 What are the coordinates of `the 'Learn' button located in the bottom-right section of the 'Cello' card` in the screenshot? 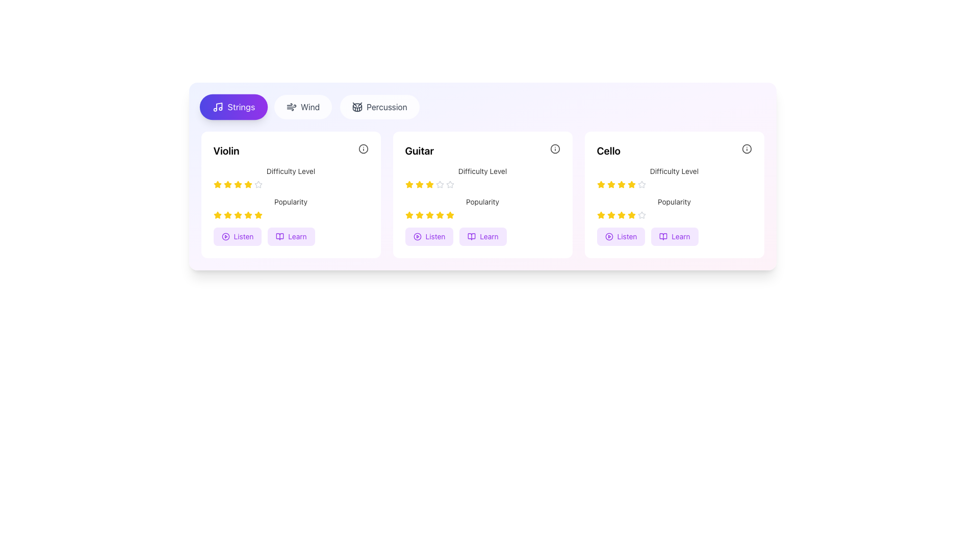 It's located at (675, 236).